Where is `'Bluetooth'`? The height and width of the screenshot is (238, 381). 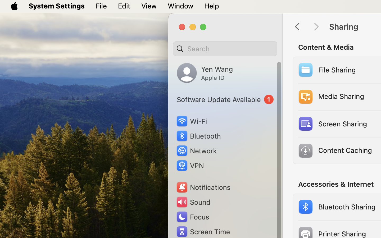 'Bluetooth' is located at coordinates (198, 135).